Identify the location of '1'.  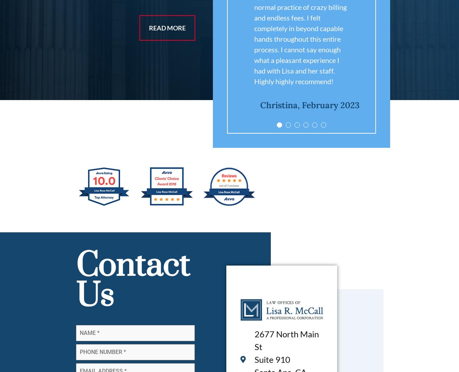
(335, 127).